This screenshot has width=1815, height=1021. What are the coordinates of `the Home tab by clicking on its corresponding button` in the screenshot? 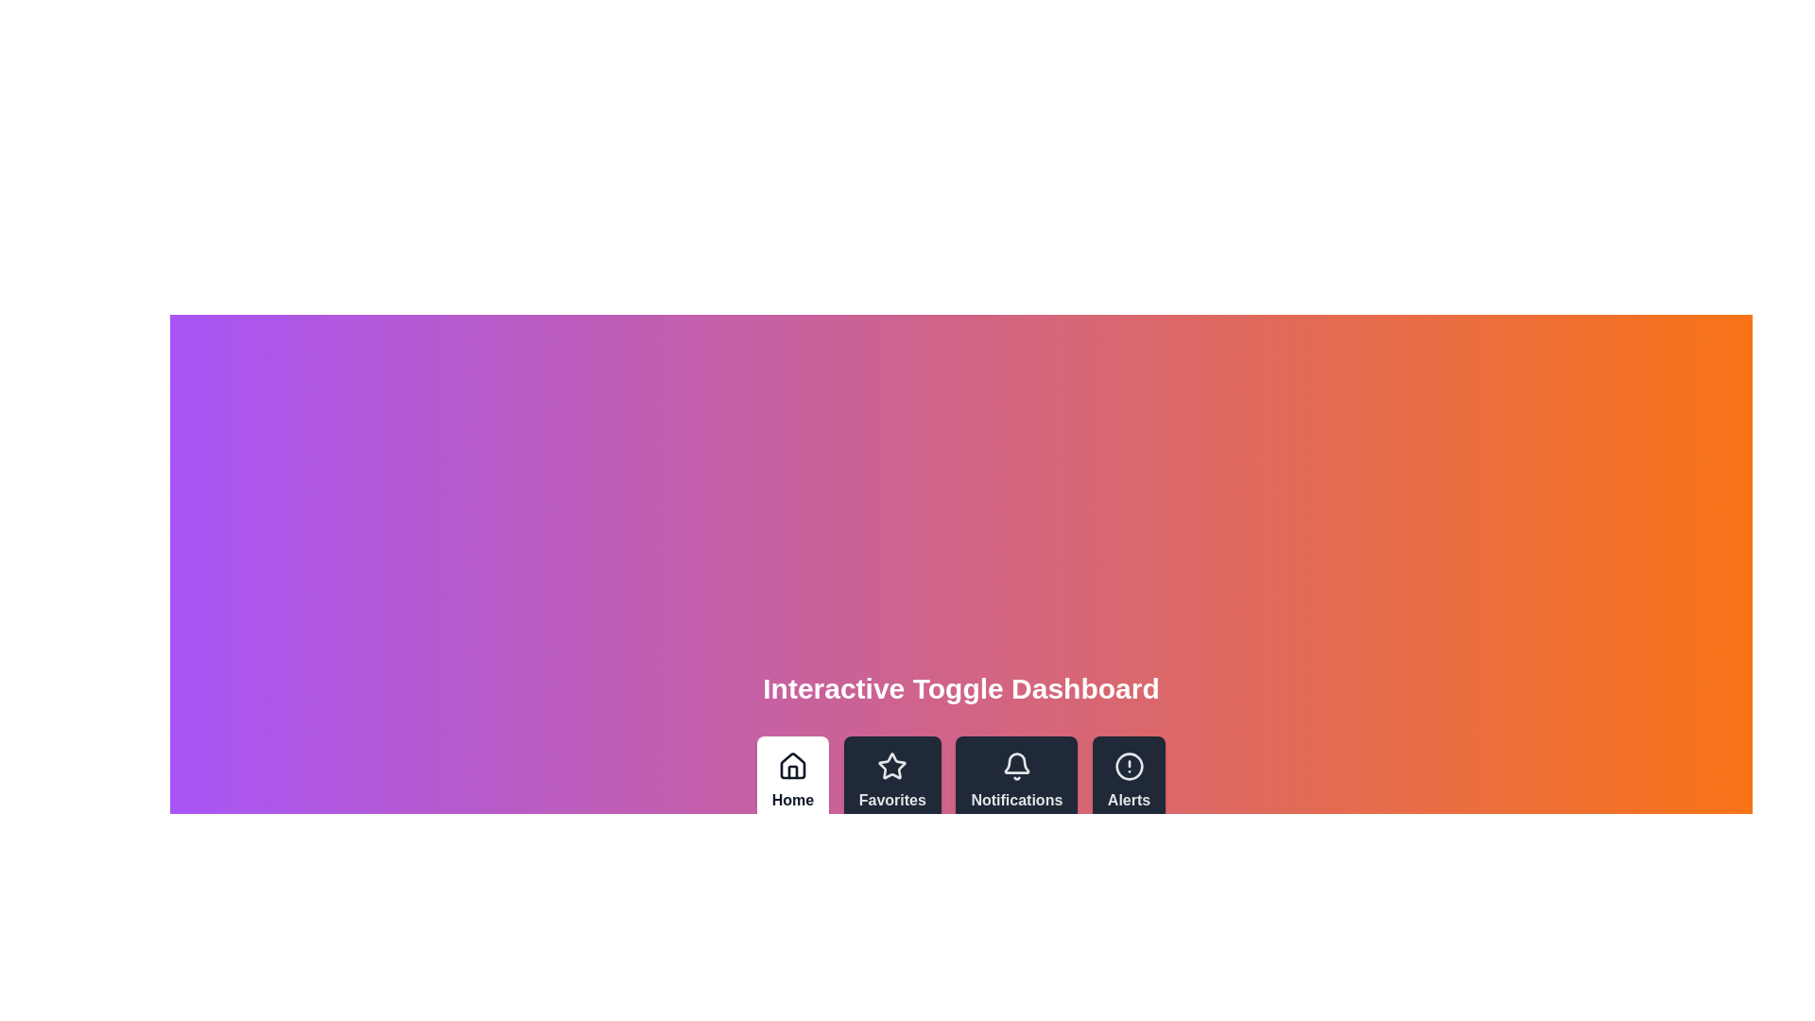 It's located at (793, 781).